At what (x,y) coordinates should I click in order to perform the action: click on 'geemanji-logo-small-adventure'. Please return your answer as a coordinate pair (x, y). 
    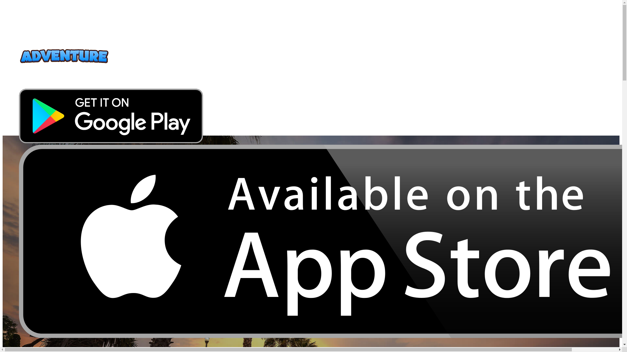
    Looking at the image, I should click on (19, 56).